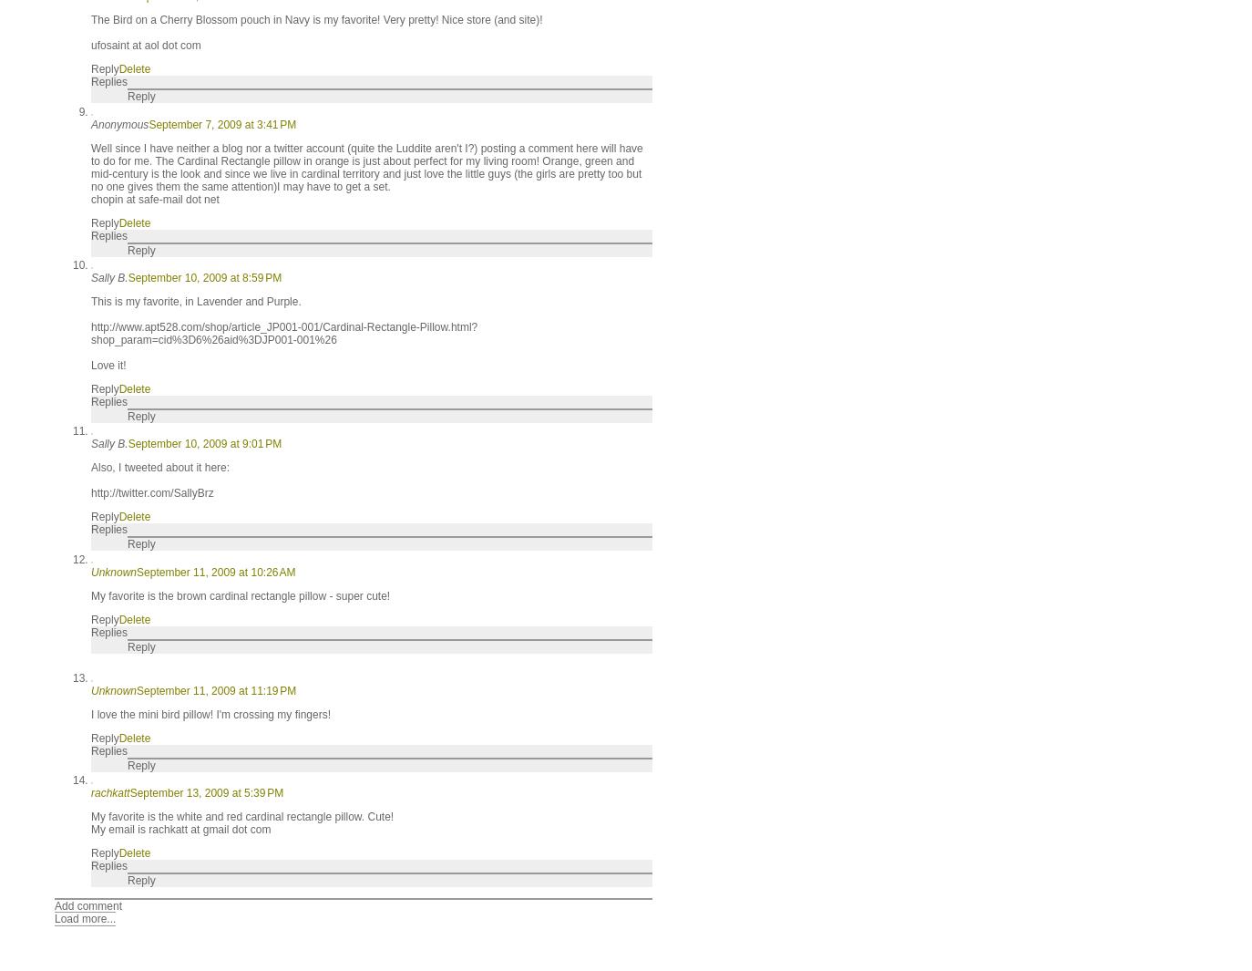 The width and height of the screenshot is (1252, 971). Describe the element at coordinates (144, 44) in the screenshot. I see `'ufosaint at aol dot com'` at that location.